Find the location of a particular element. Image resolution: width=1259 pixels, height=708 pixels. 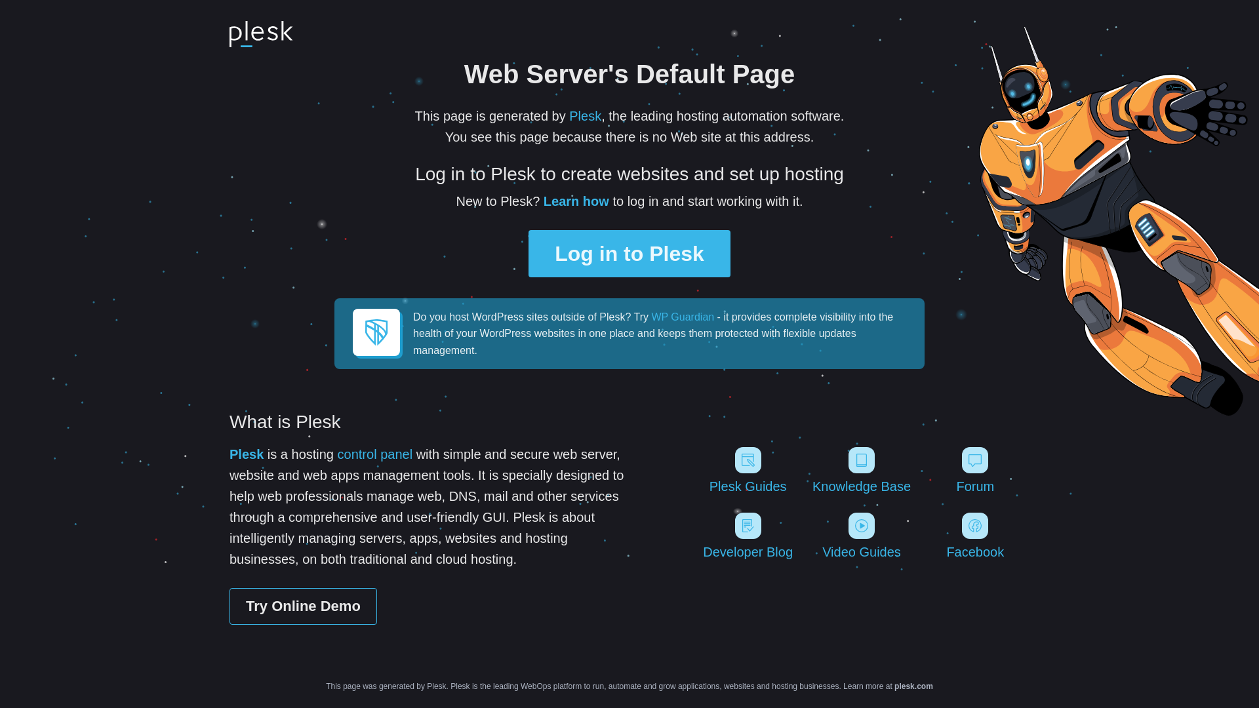

'Learn how' is located at coordinates (576, 201).